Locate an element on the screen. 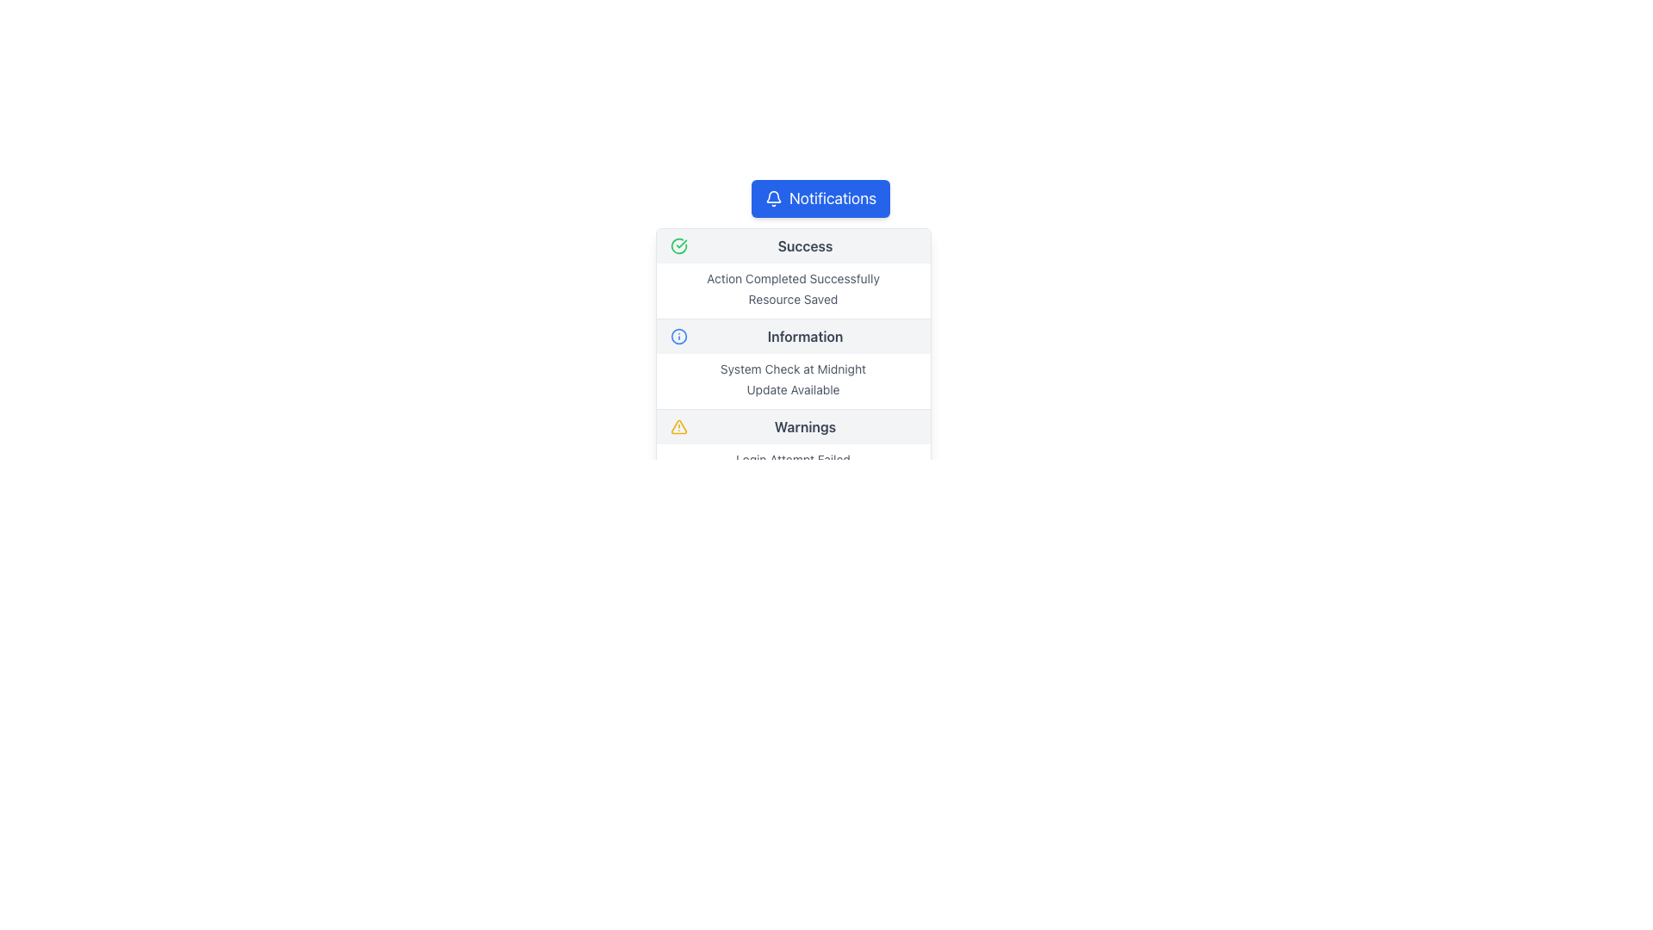 The height and width of the screenshot is (930, 1653). the first notification item labeled 'Success' with a green check icon, which indicates that an action has been completed successfully is located at coordinates (792, 273).